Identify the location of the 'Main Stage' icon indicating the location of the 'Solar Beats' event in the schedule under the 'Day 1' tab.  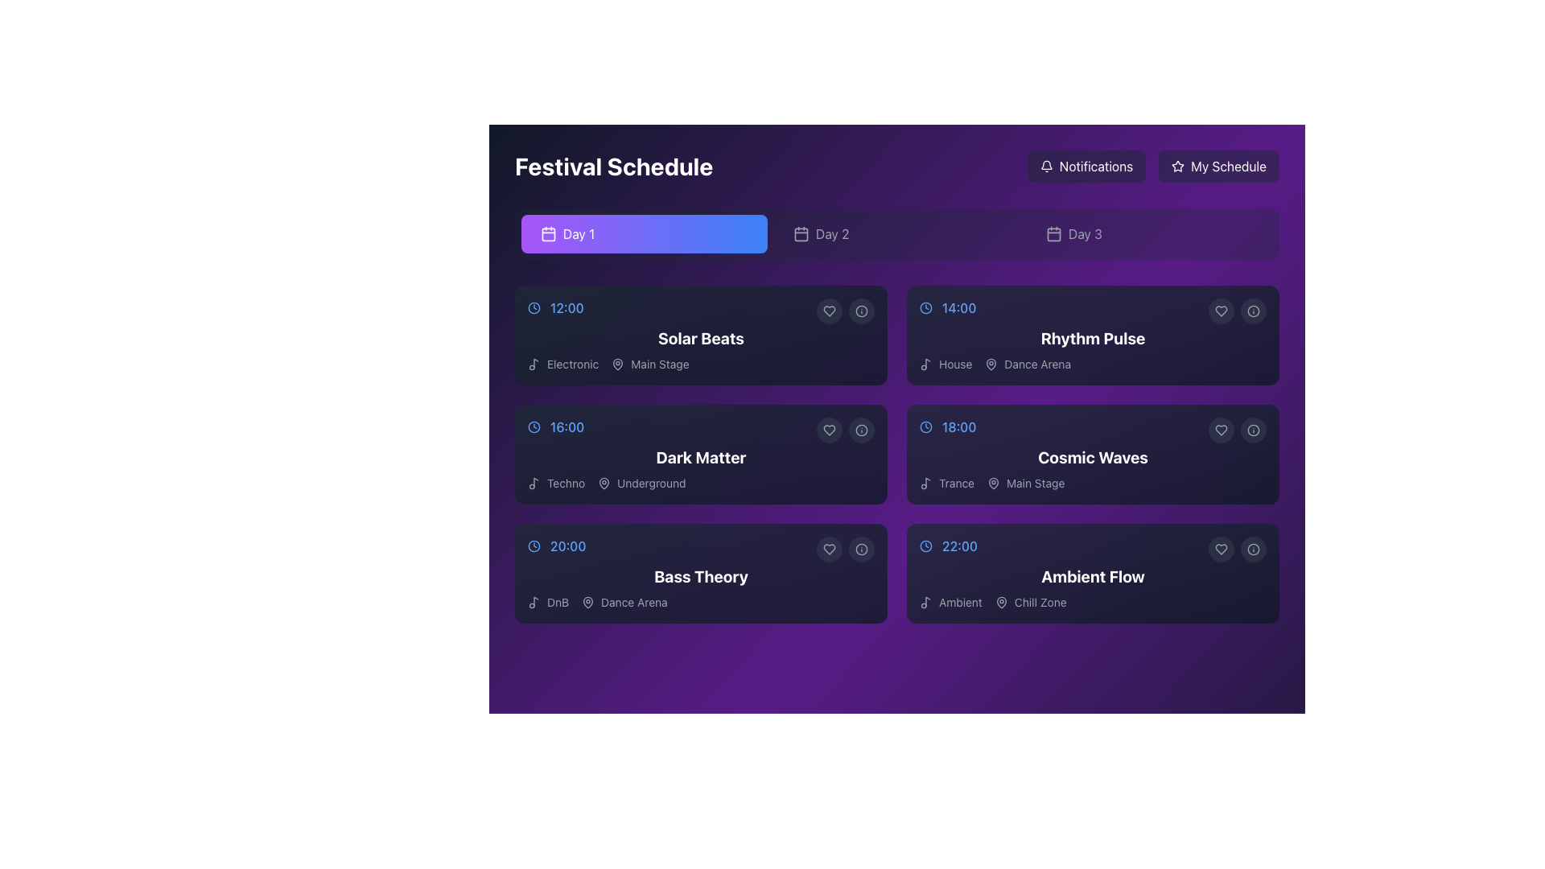
(617, 364).